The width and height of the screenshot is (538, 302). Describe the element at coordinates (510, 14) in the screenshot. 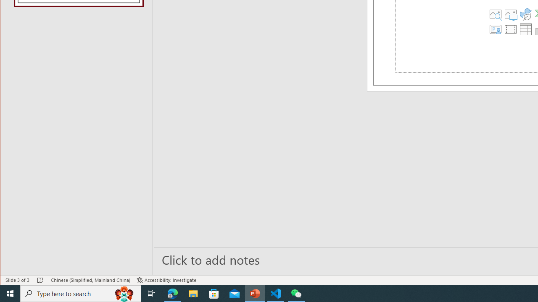

I see `'Pictures'` at that location.